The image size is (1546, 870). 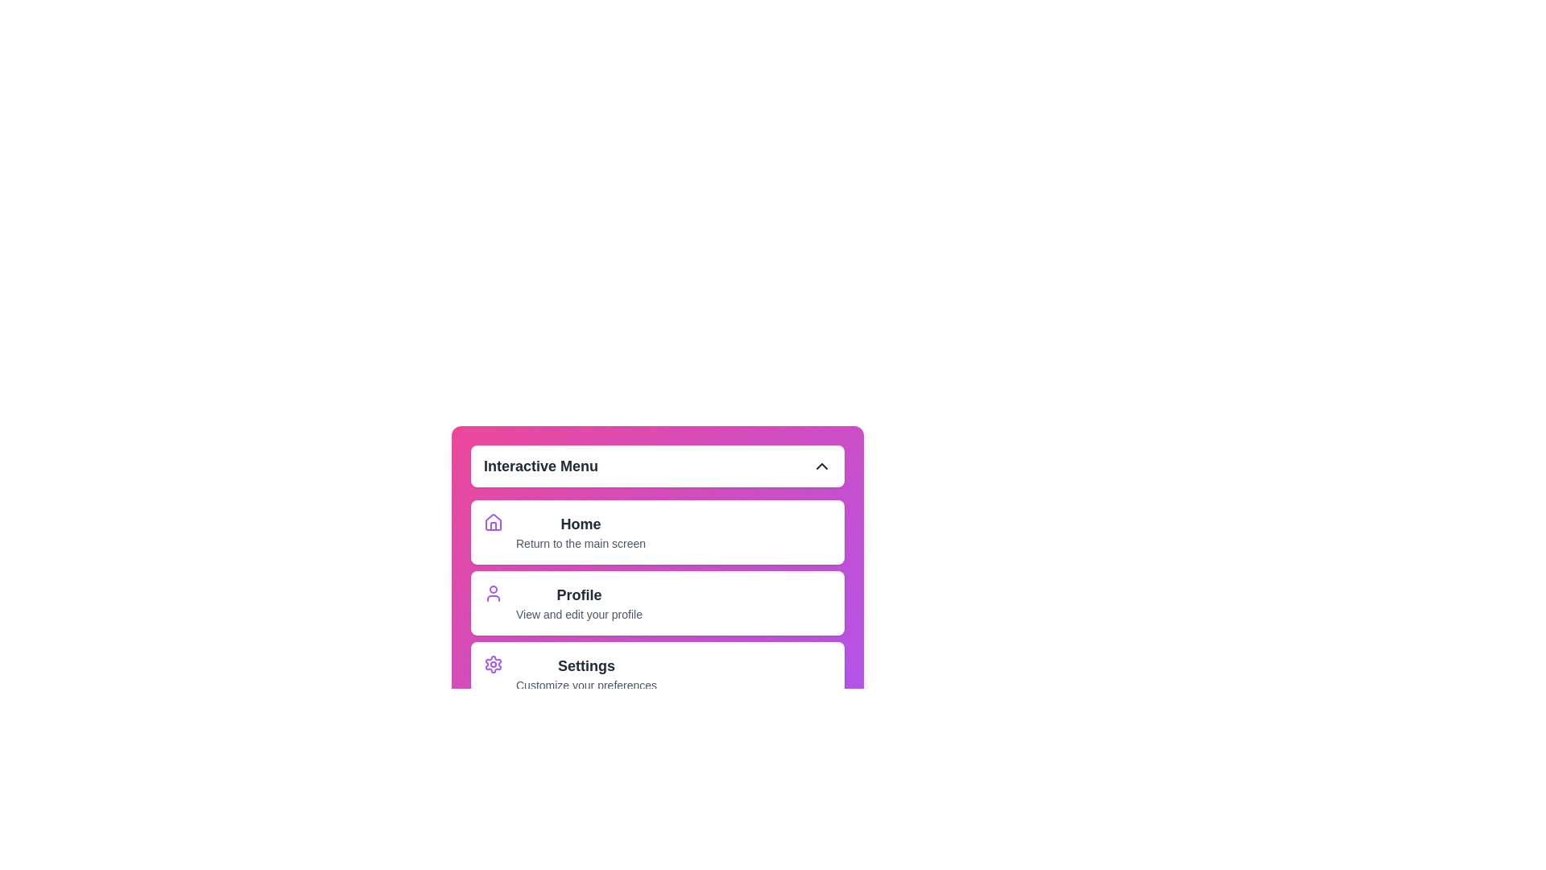 What do you see at coordinates (580, 532) in the screenshot?
I see `the menu item labeled Home to navigate to its corresponding section` at bounding box center [580, 532].